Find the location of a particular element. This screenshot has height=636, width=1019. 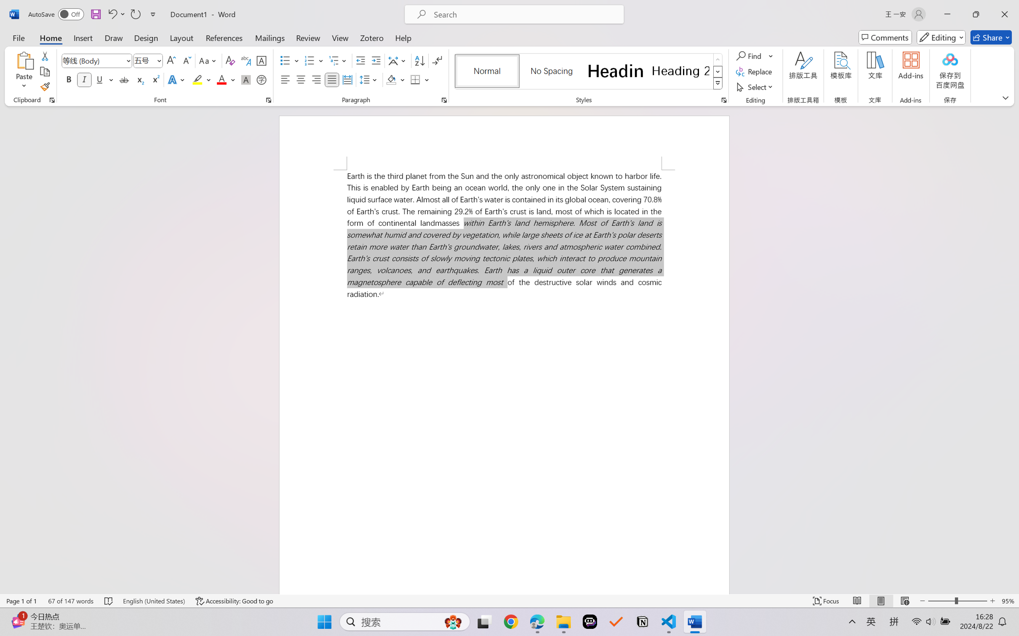

'Microsoft search' is located at coordinates (519, 7).